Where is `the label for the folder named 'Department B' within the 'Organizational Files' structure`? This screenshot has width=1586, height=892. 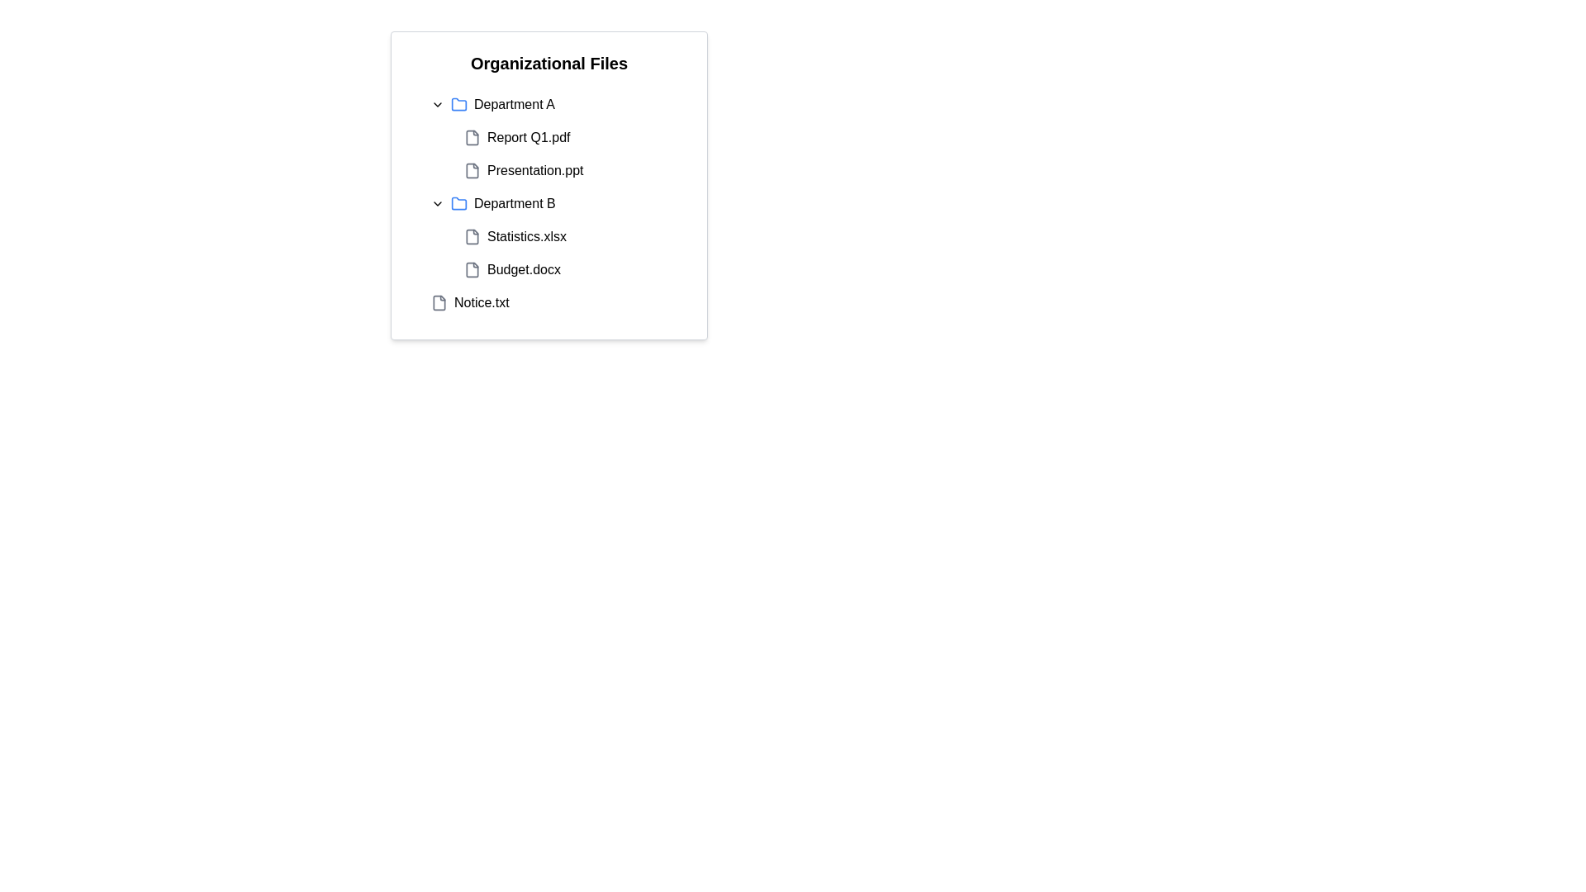 the label for the folder named 'Department B' within the 'Organizational Files' structure is located at coordinates (514, 202).